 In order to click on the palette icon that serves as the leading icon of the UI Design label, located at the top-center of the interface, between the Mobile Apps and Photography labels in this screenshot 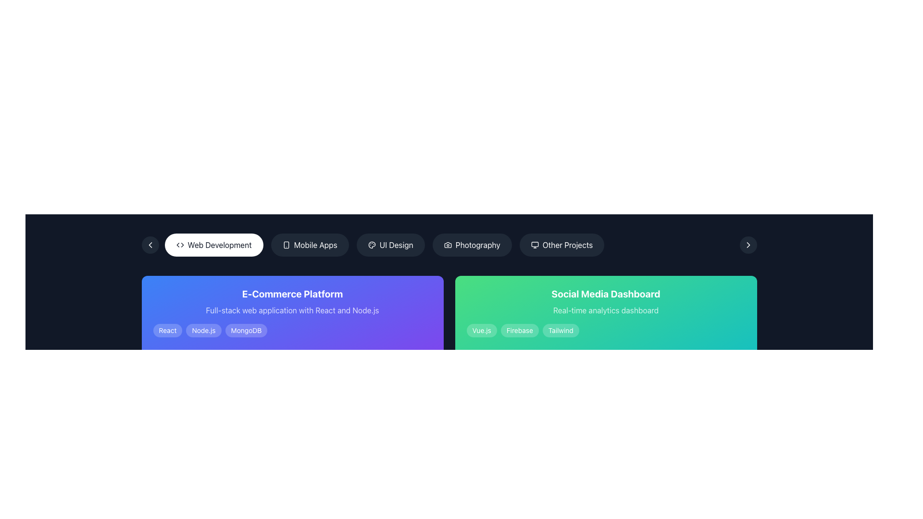, I will do `click(371, 244)`.